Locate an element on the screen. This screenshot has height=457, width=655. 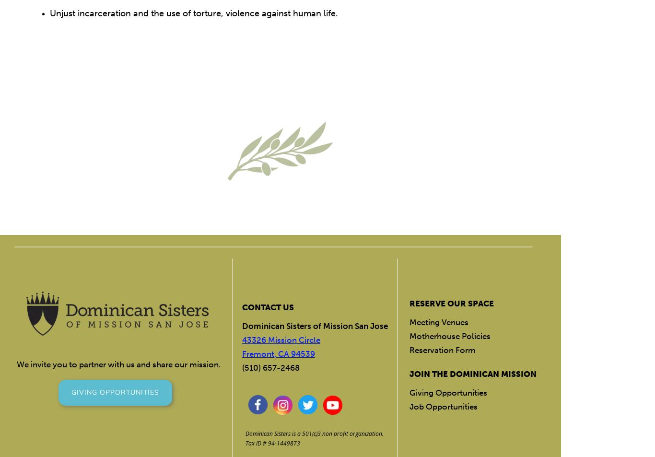
'Dominican Sisters is a 501(c)3 non profit organization.' is located at coordinates (314, 434).